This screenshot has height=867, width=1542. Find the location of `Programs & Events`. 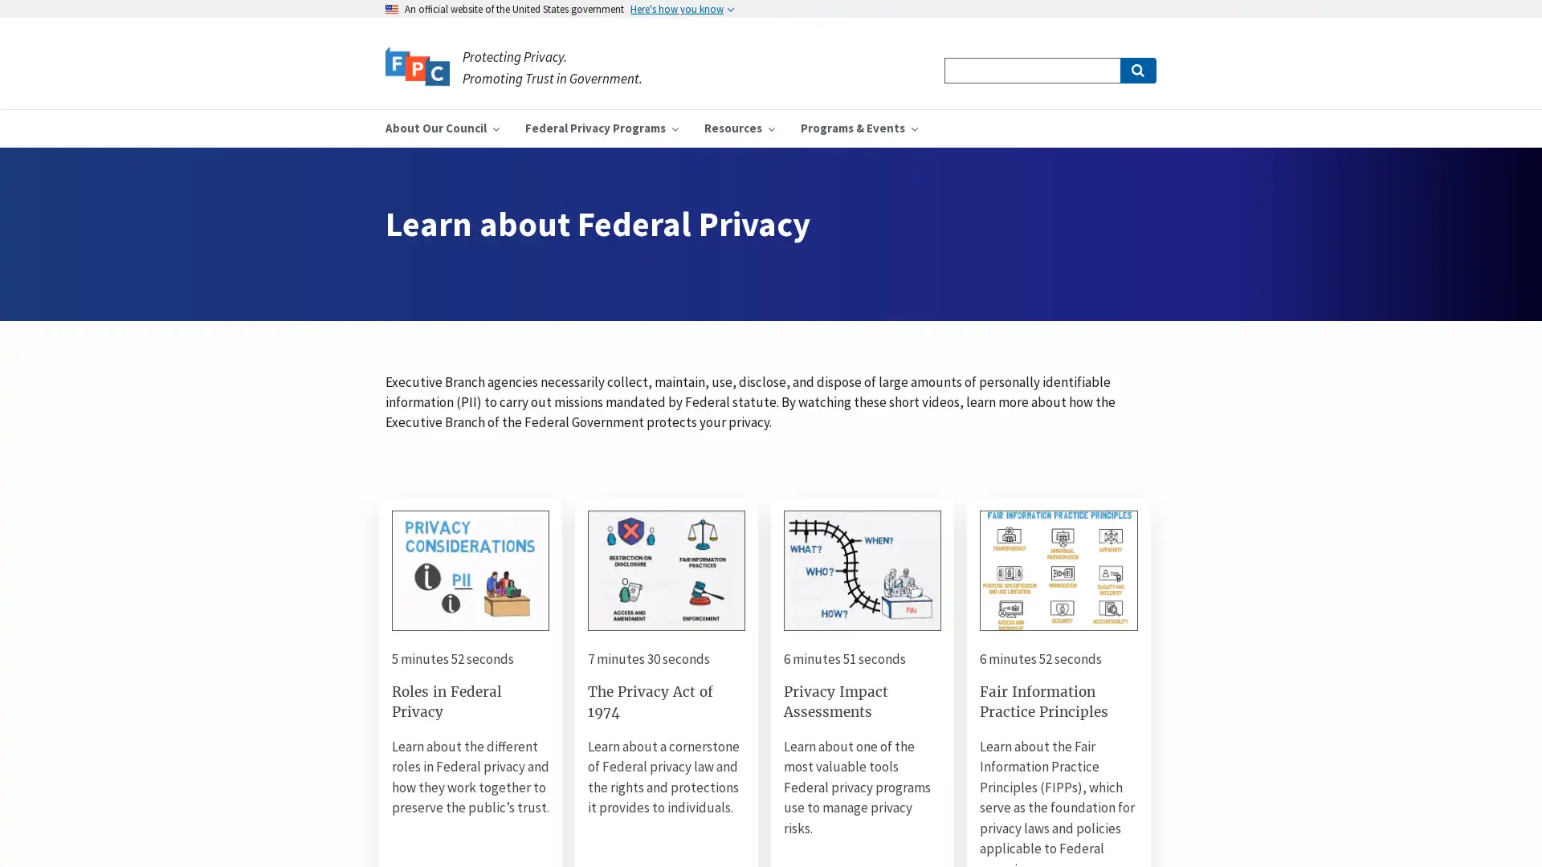

Programs & Events is located at coordinates (859, 127).